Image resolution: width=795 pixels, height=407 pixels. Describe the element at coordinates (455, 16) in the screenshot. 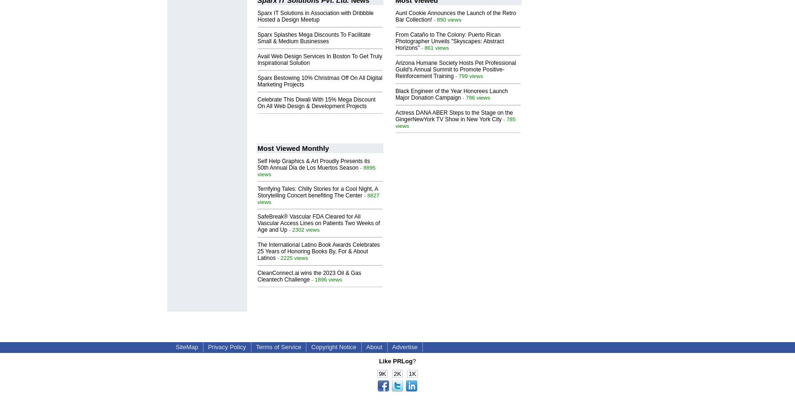

I see `'Aunt Cookie Announces the Launch of the Retro Bar Collection!'` at that location.